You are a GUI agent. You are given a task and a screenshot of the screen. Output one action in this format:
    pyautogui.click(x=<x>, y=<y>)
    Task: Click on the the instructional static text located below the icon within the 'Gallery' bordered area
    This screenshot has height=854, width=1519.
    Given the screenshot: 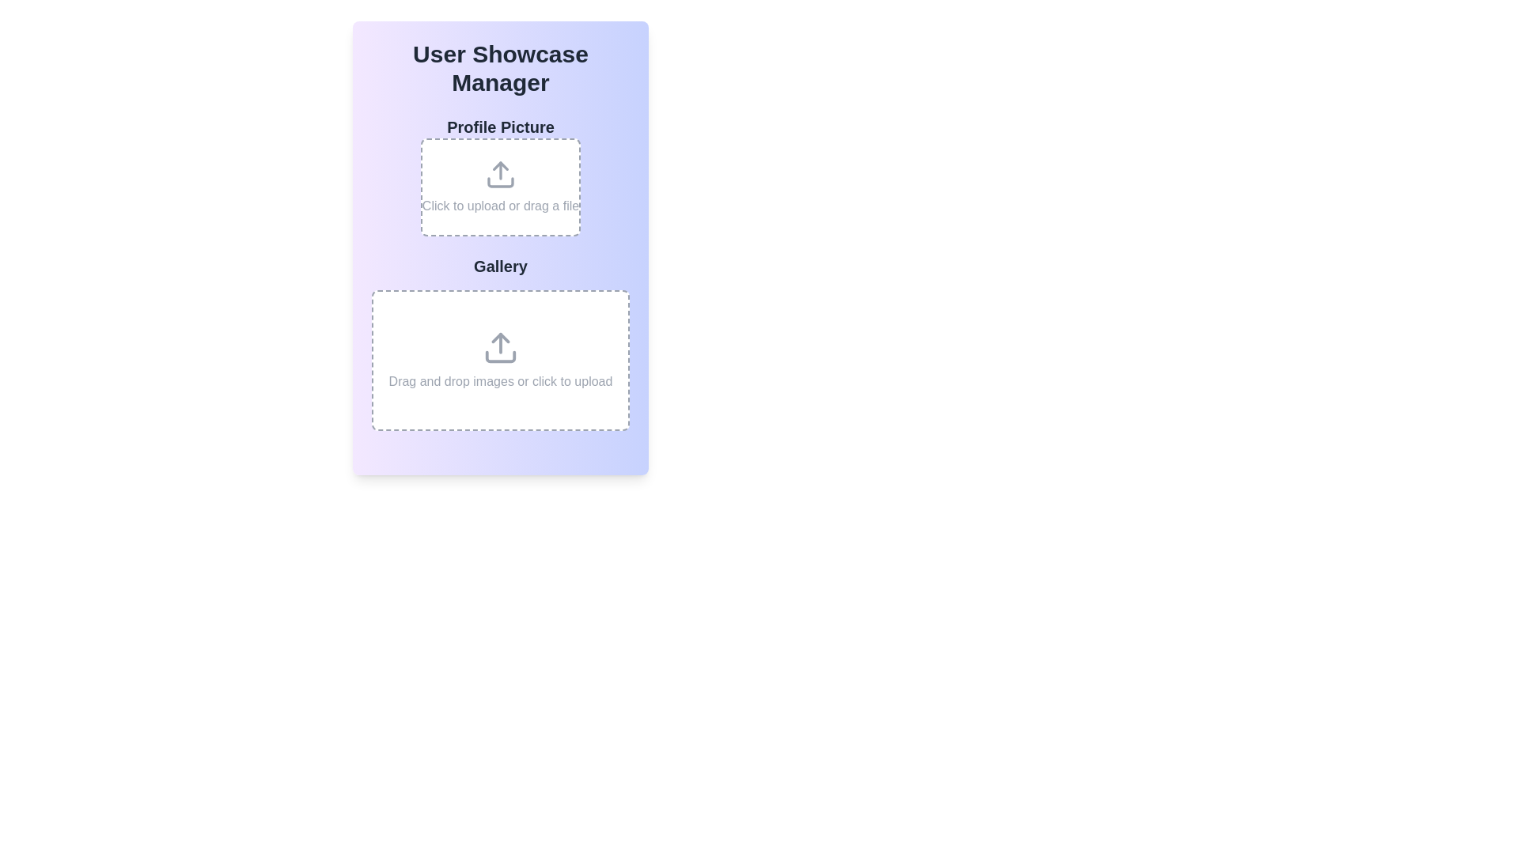 What is the action you would take?
    pyautogui.click(x=500, y=381)
    